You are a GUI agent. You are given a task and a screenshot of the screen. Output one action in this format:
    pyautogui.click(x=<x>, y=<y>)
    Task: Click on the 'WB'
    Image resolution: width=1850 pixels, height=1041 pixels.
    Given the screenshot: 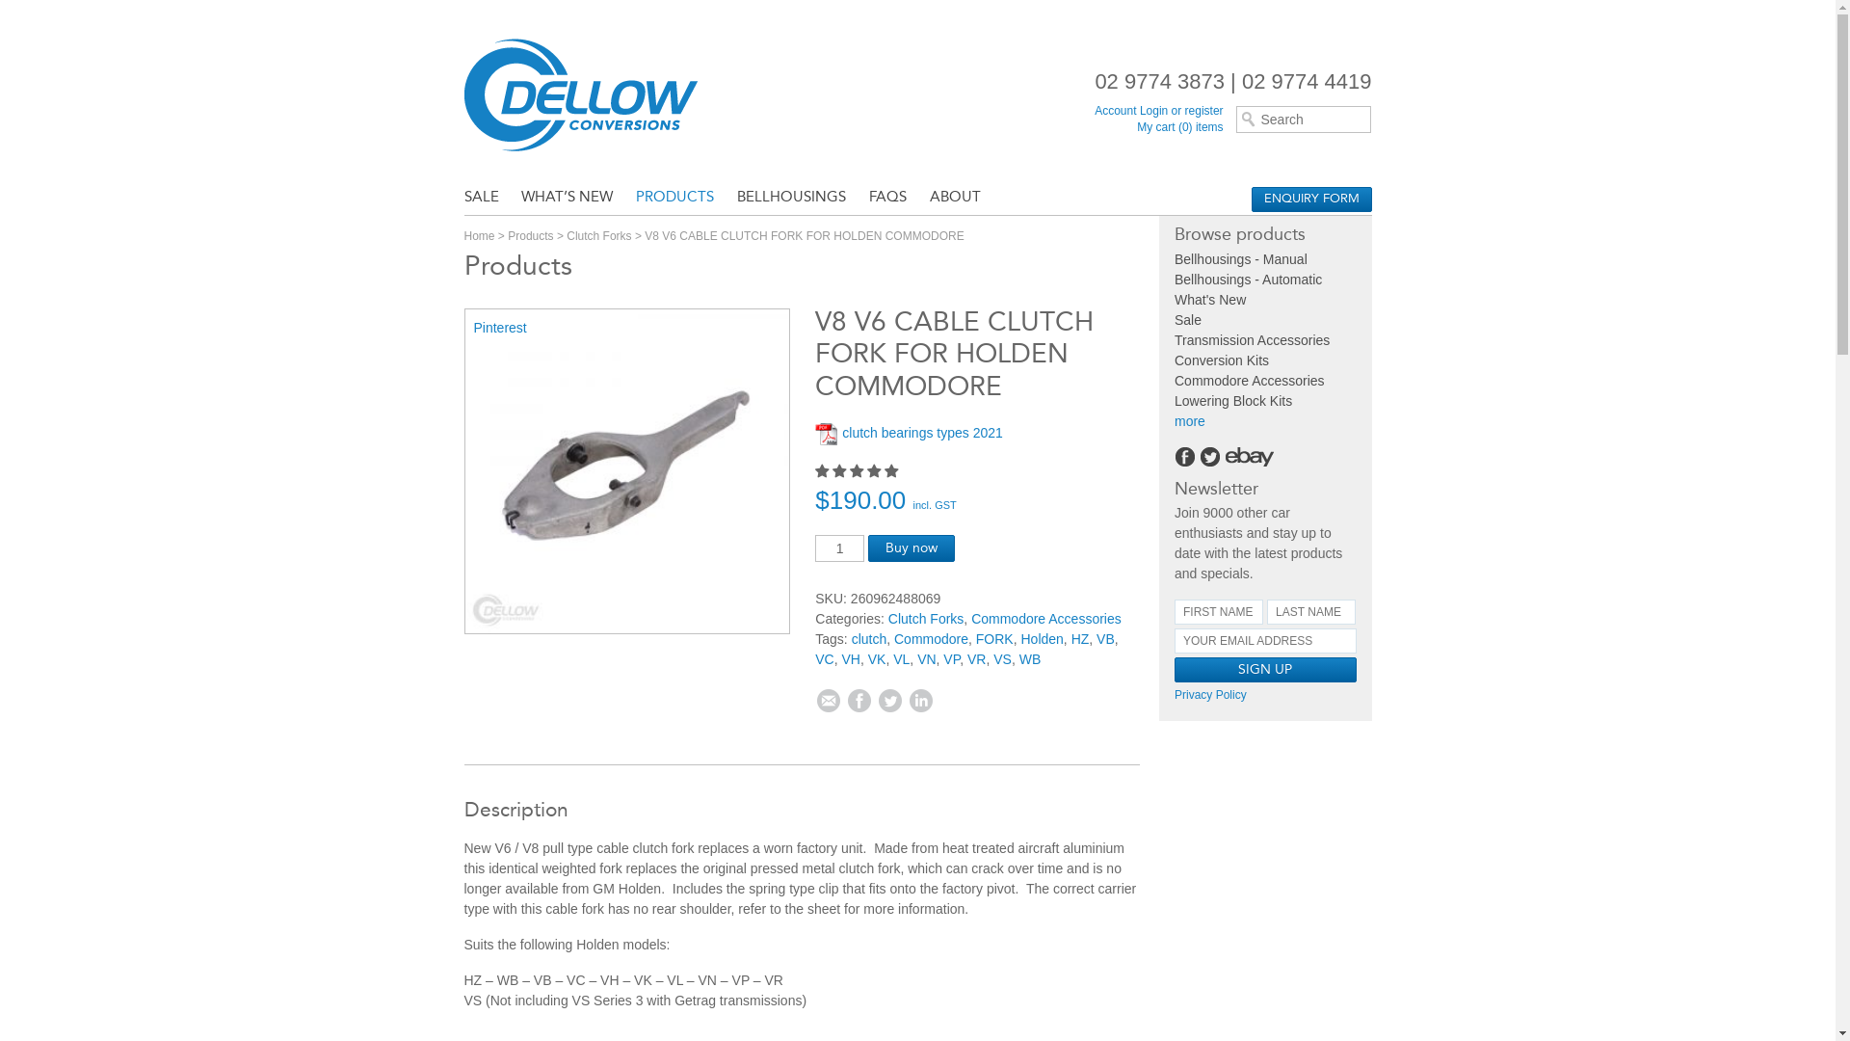 What is the action you would take?
    pyautogui.click(x=1029, y=657)
    